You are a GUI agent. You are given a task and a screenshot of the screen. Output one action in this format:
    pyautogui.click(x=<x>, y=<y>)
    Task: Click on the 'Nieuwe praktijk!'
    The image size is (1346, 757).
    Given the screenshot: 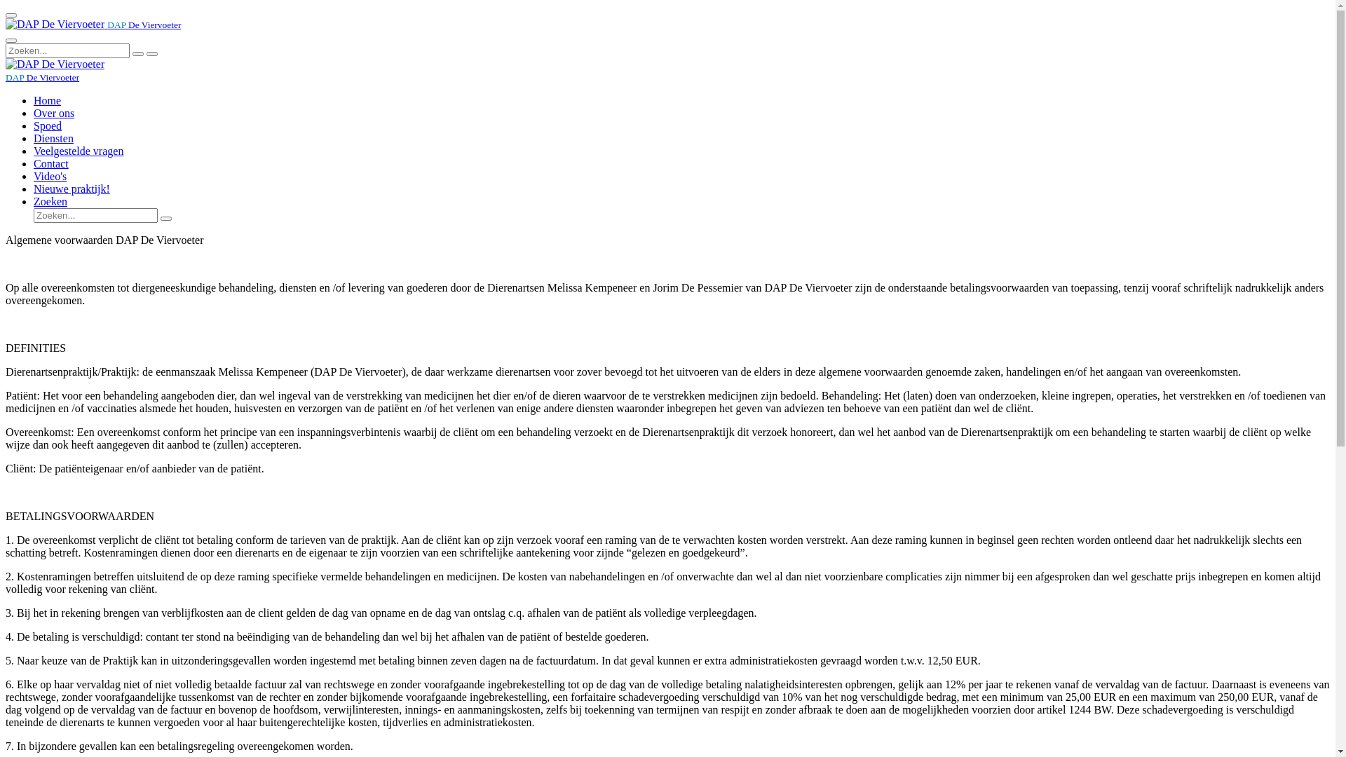 What is the action you would take?
    pyautogui.click(x=71, y=188)
    